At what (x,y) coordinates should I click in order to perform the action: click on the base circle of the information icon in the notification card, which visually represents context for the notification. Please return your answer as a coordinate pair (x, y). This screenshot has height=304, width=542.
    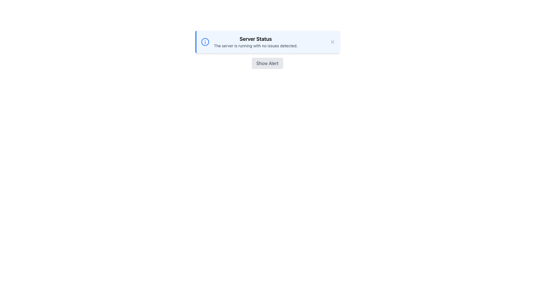
    Looking at the image, I should click on (205, 42).